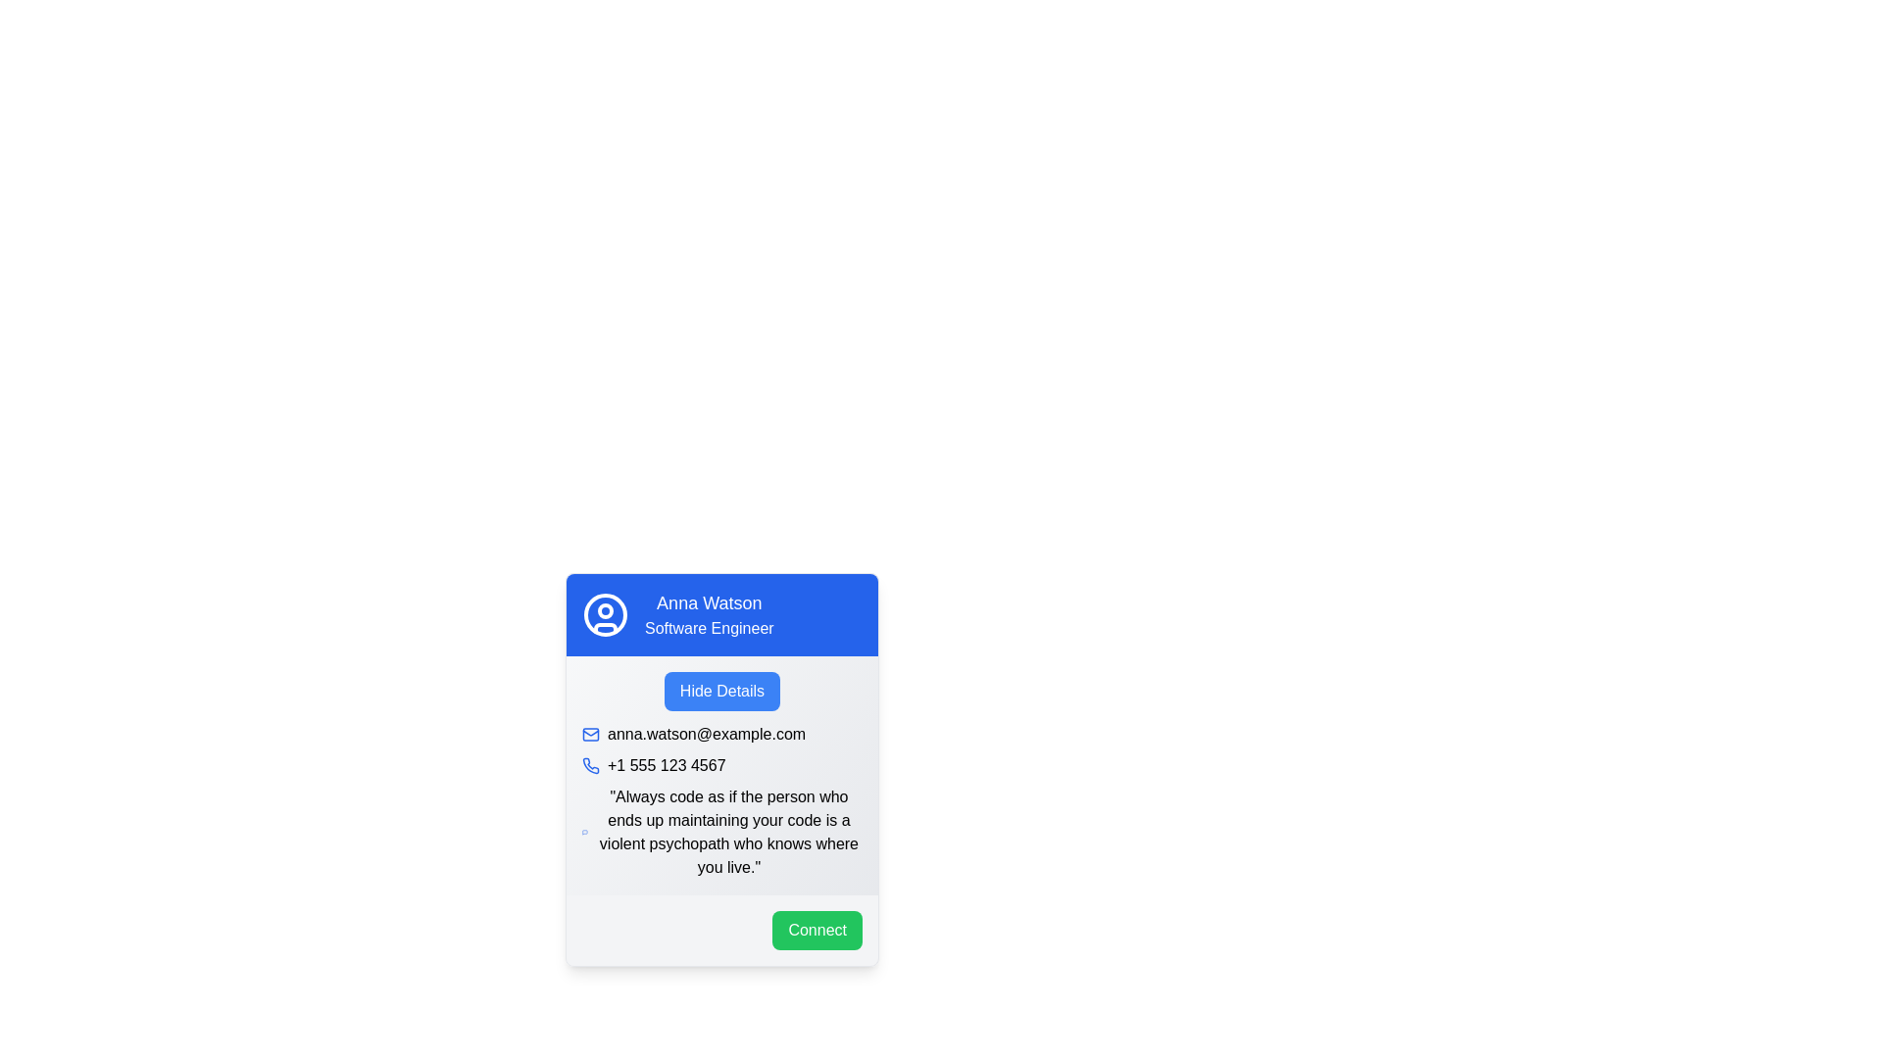 The height and width of the screenshot is (1058, 1882). What do you see at coordinates (605, 614) in the screenshot?
I see `the outermost circle of the user avatar graphic located in the middle-top portion of the profile card` at bounding box center [605, 614].